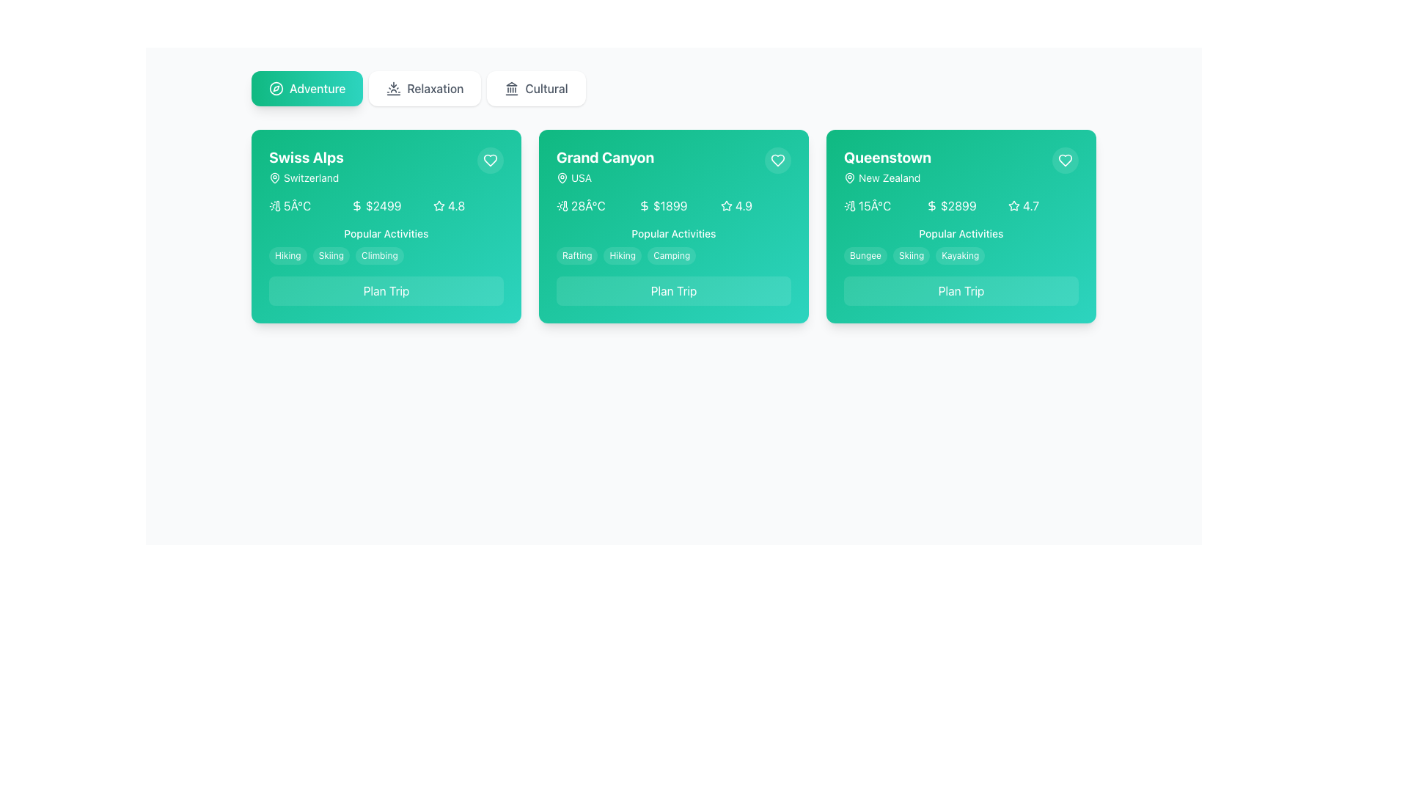 The height and width of the screenshot is (792, 1408). Describe the element at coordinates (562, 177) in the screenshot. I see `the location pin icon next to the 'USA' label in the 'Grand Canyon' card, which is the second card in the horizontal arrangement` at that location.